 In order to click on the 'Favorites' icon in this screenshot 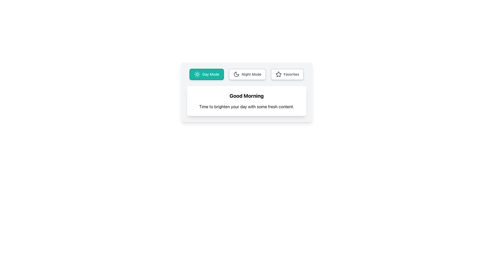, I will do `click(278, 74)`.